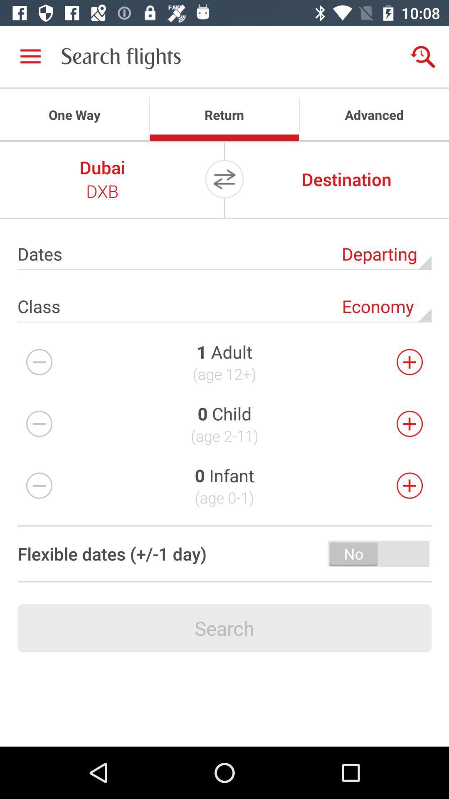  What do you see at coordinates (39, 485) in the screenshot?
I see `the minus icon` at bounding box center [39, 485].